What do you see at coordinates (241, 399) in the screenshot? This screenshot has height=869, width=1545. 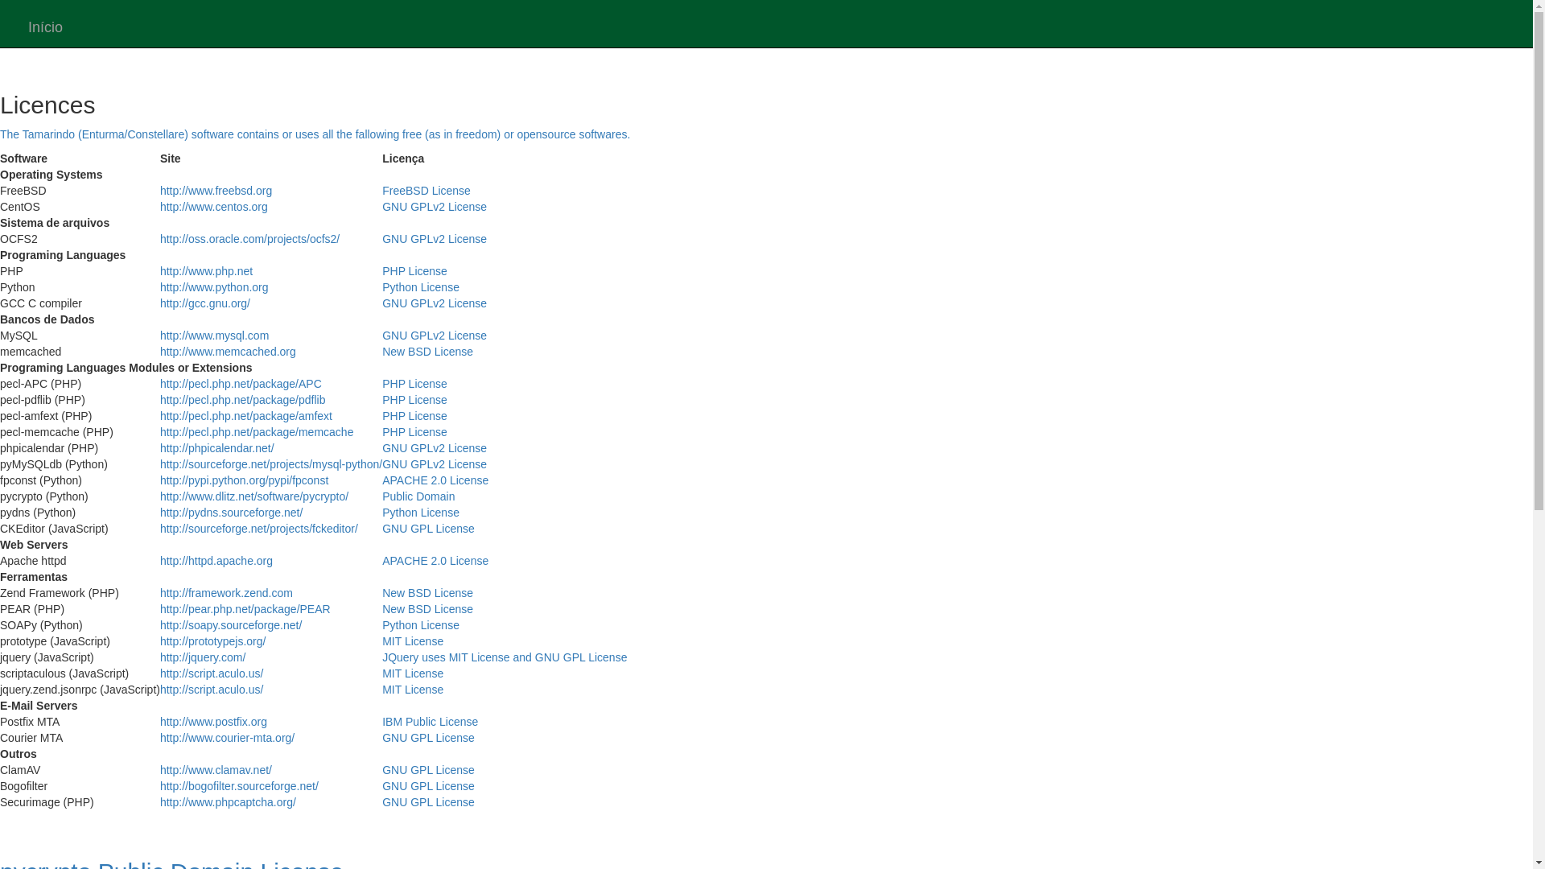 I see `'http://pecl.php.net/package/pdflib'` at bounding box center [241, 399].